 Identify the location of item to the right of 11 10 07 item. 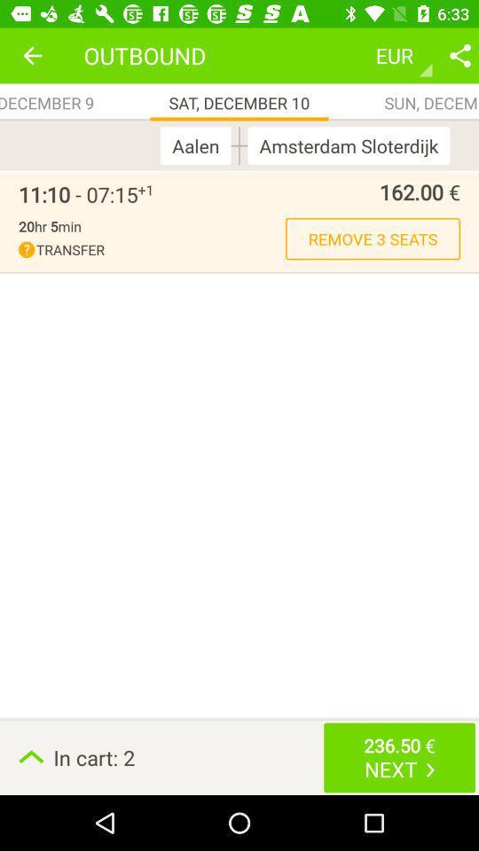
(145, 190).